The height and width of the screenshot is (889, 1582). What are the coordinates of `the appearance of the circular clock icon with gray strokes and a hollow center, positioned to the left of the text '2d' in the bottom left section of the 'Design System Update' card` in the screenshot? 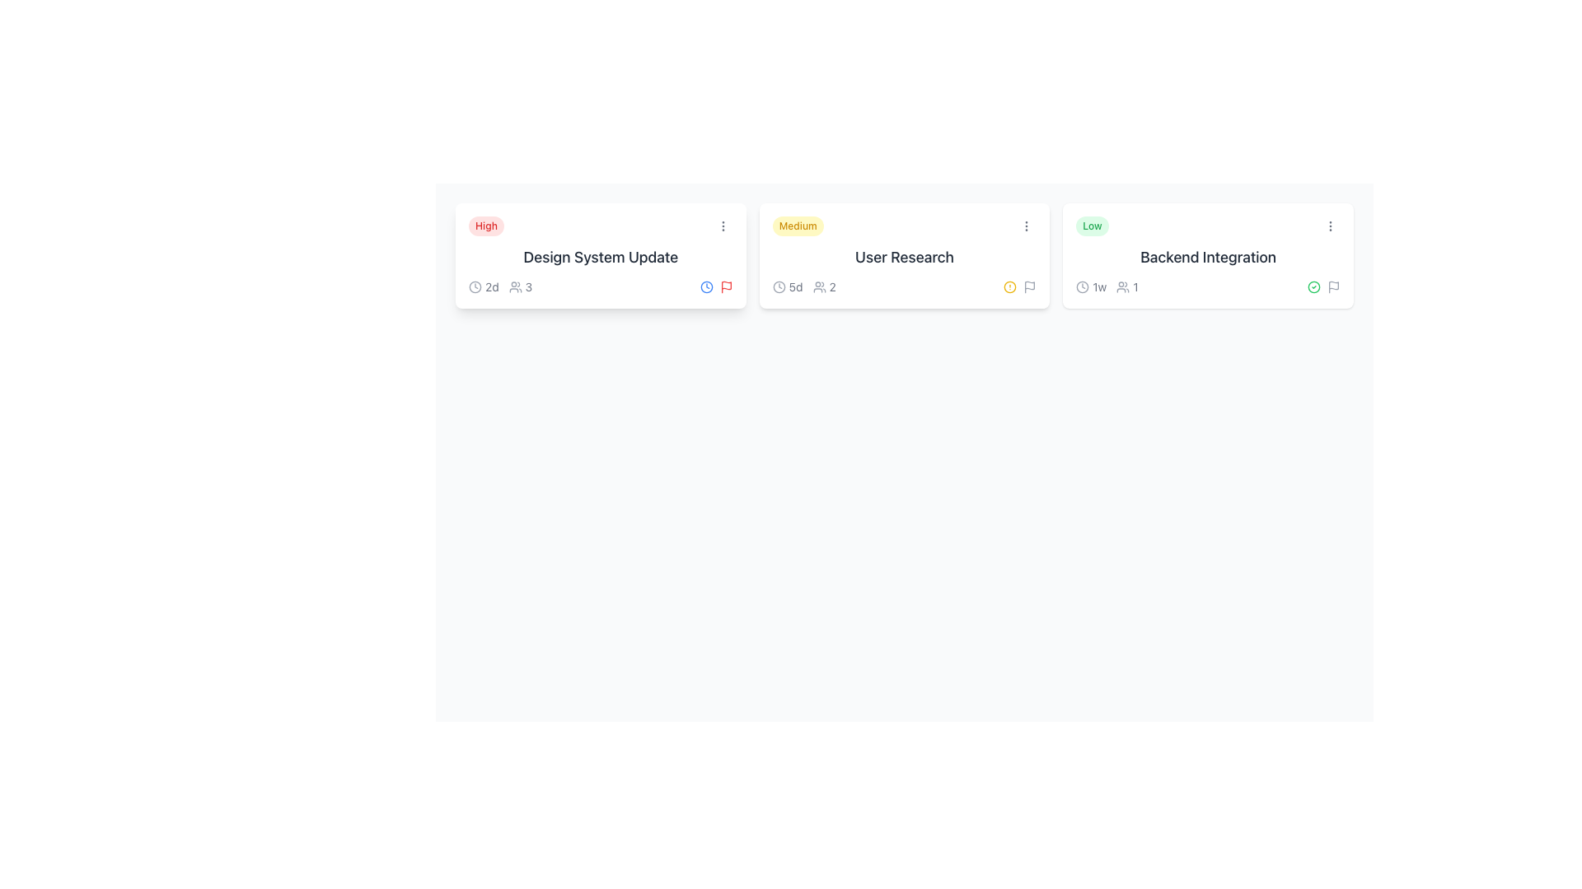 It's located at (474, 286).